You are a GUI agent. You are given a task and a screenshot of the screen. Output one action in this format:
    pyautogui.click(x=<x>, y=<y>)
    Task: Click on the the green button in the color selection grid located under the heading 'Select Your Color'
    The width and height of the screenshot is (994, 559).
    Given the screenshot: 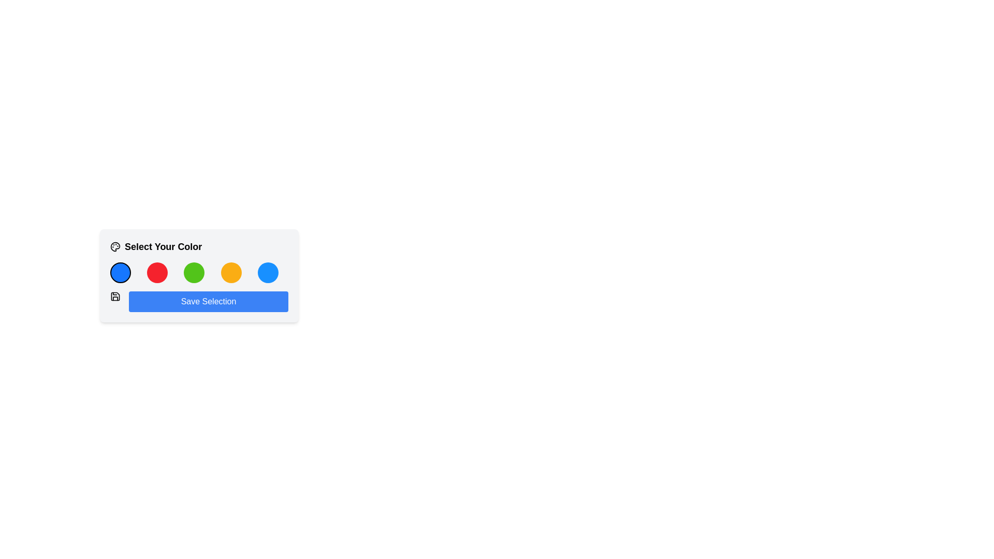 What is the action you would take?
    pyautogui.click(x=199, y=272)
    